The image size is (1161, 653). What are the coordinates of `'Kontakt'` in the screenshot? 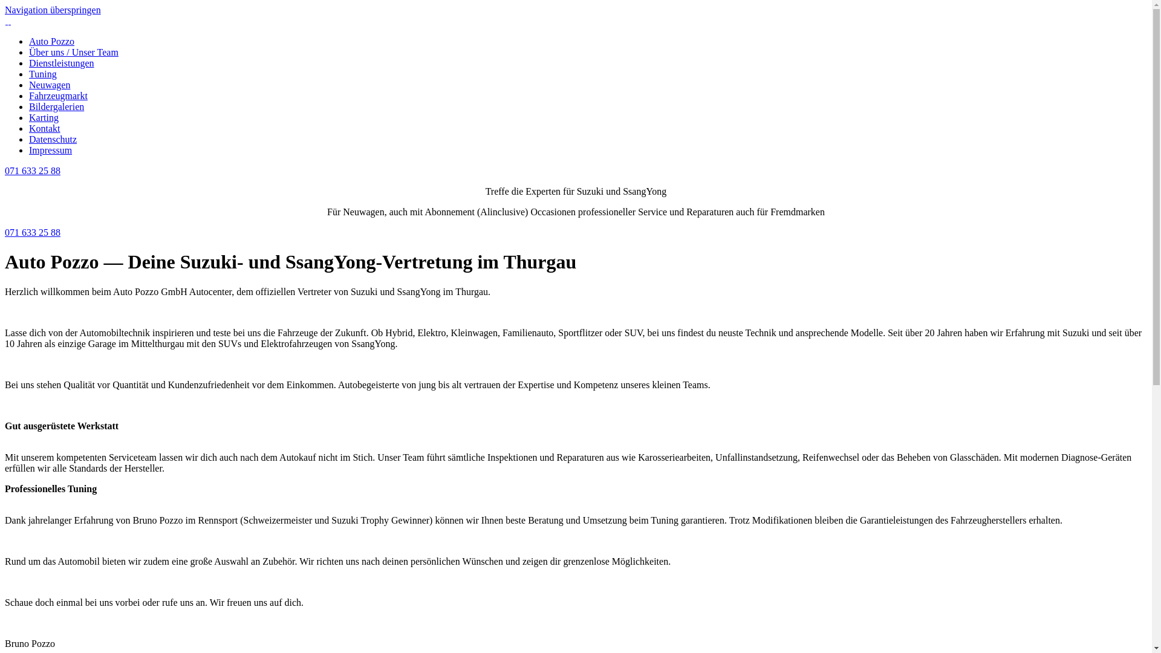 It's located at (29, 128).